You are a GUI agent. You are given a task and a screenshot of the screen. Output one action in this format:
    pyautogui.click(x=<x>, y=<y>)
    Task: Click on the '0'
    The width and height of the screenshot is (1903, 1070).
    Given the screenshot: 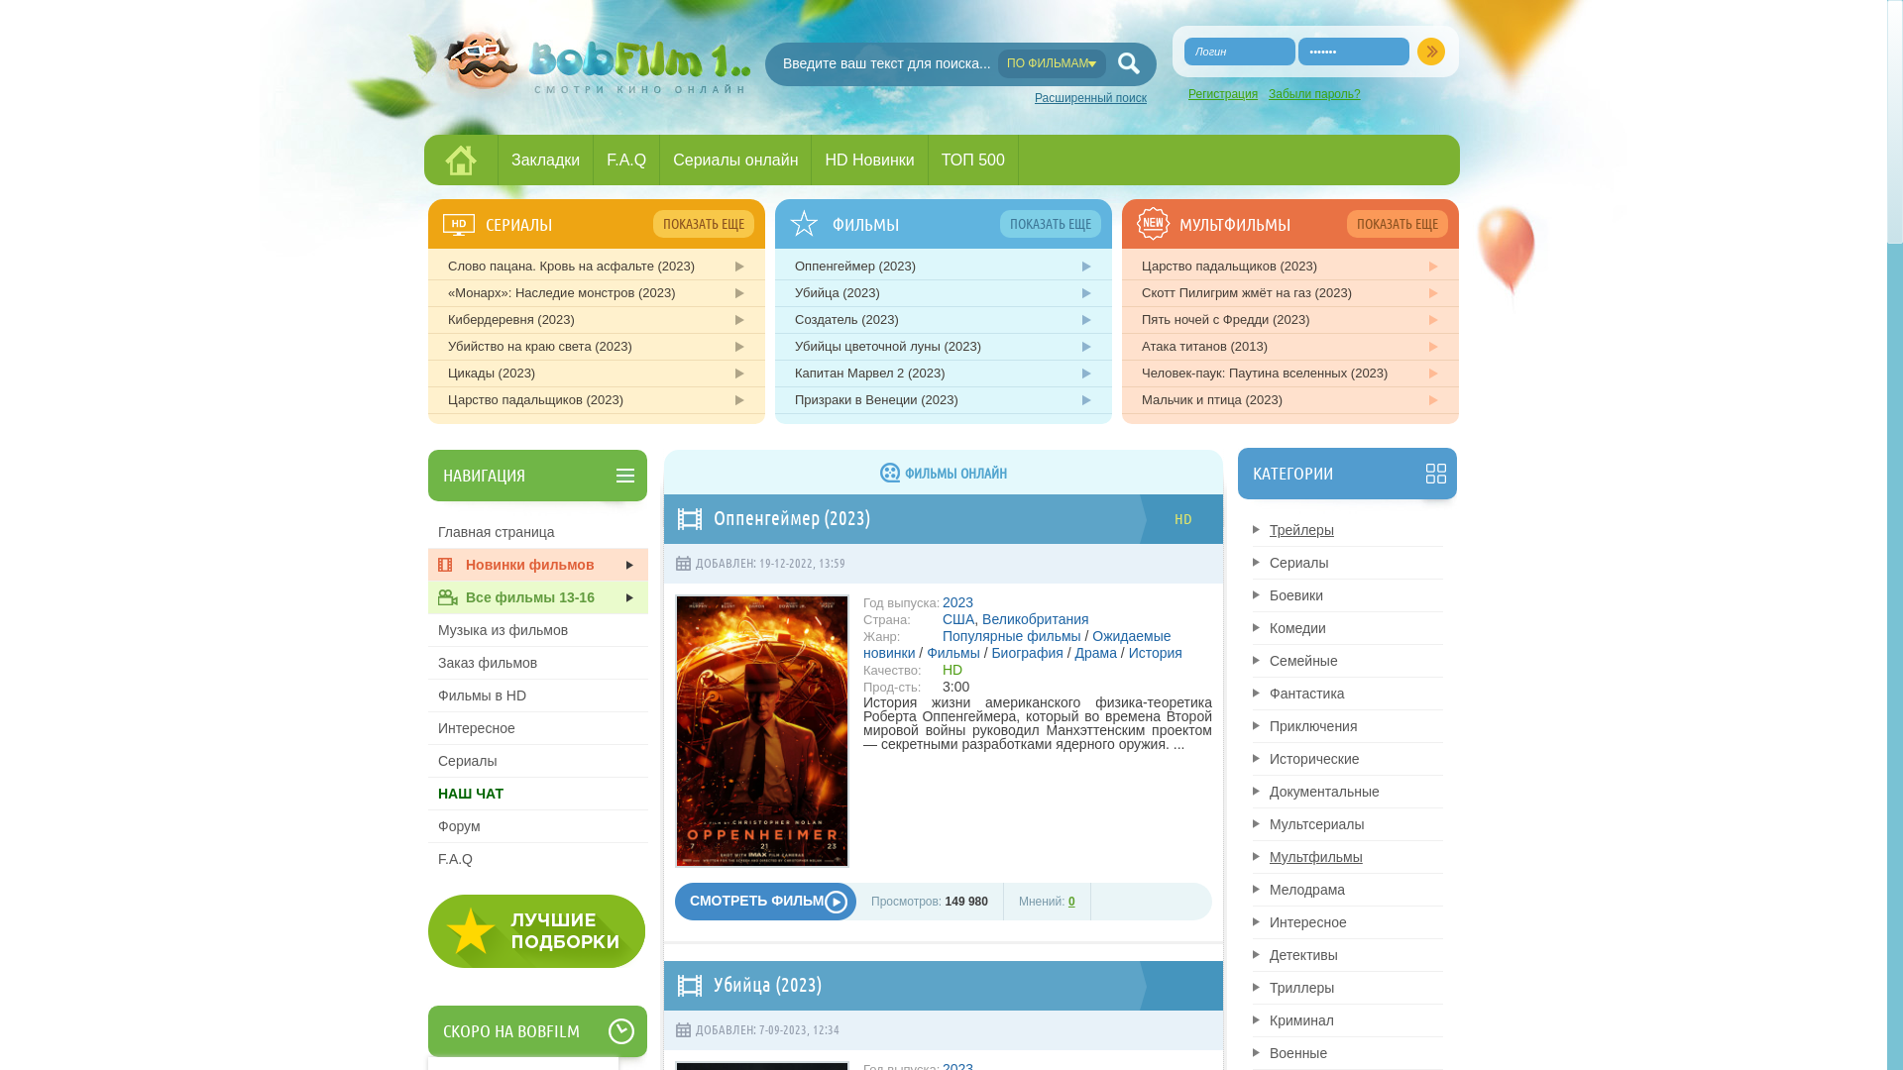 What is the action you would take?
    pyautogui.click(x=1070, y=902)
    